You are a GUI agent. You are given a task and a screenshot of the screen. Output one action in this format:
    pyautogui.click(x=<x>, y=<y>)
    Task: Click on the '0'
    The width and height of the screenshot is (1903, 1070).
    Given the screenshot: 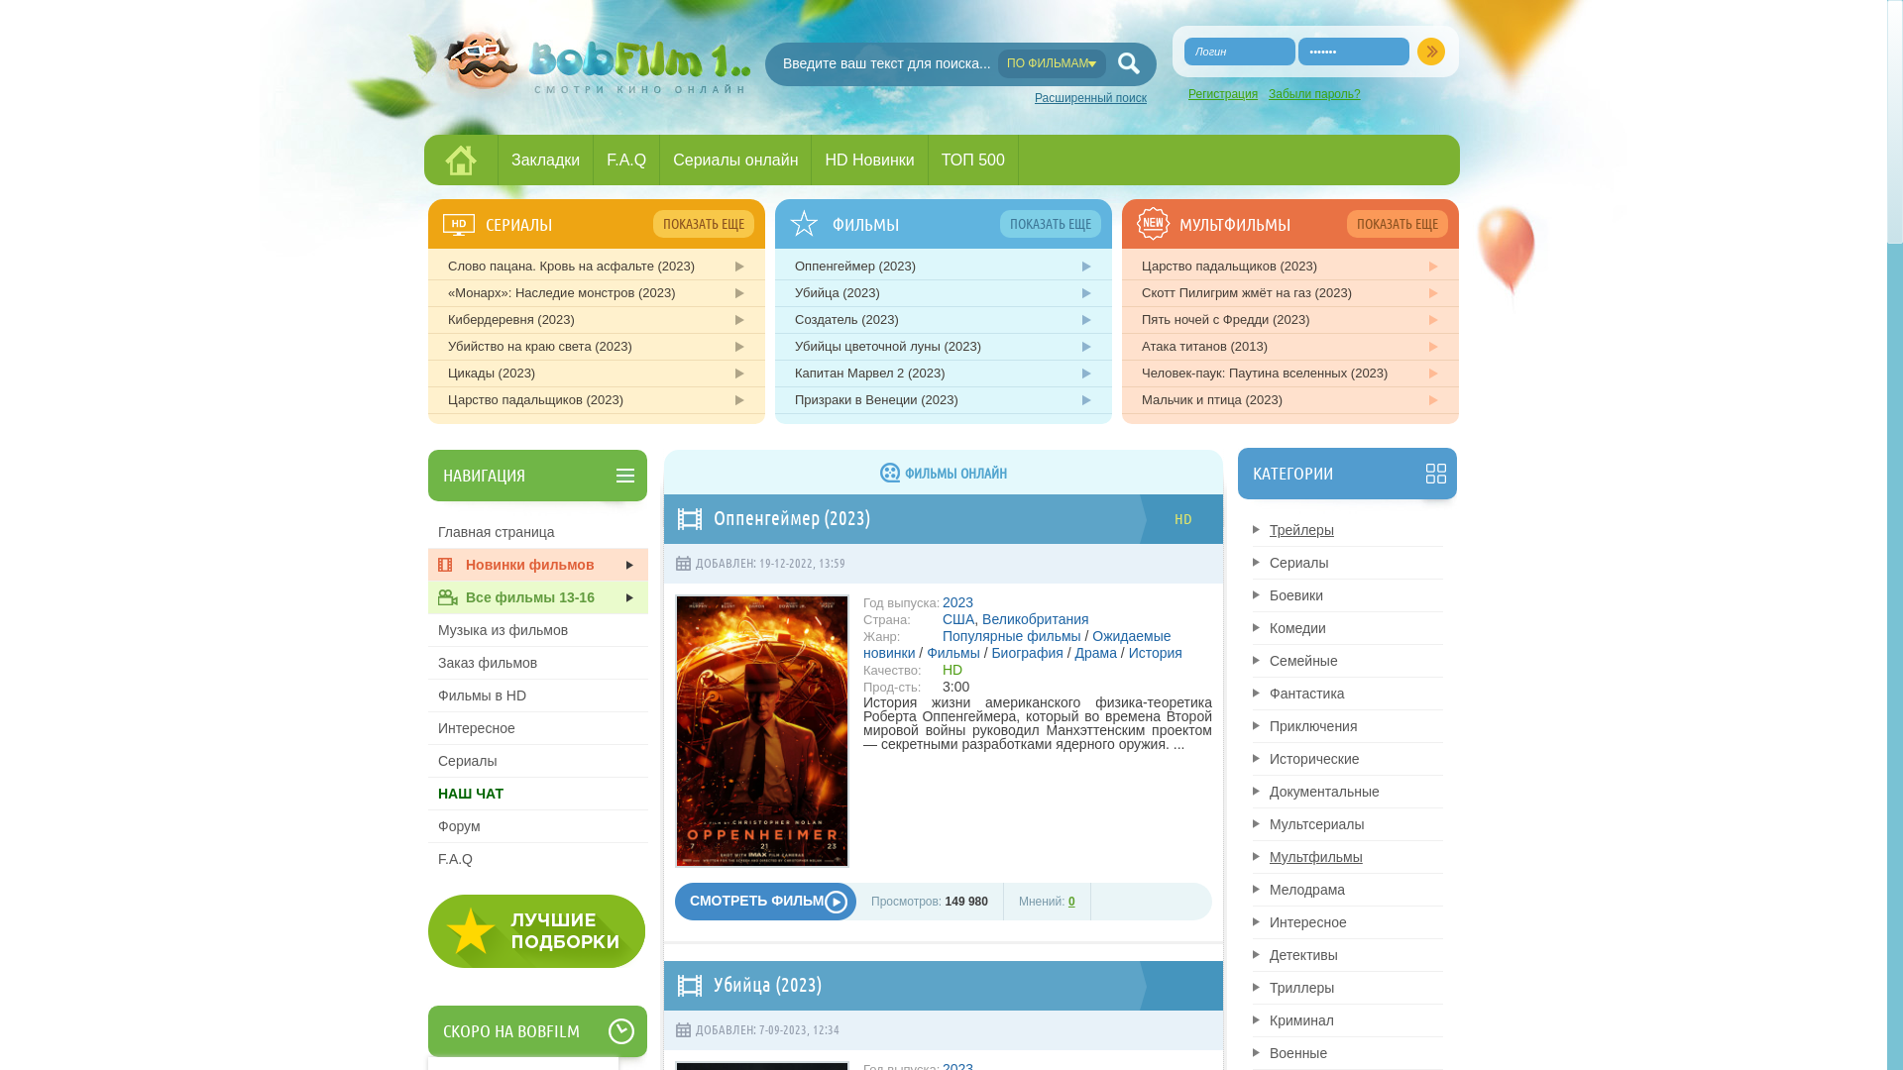 What is the action you would take?
    pyautogui.click(x=1070, y=902)
    